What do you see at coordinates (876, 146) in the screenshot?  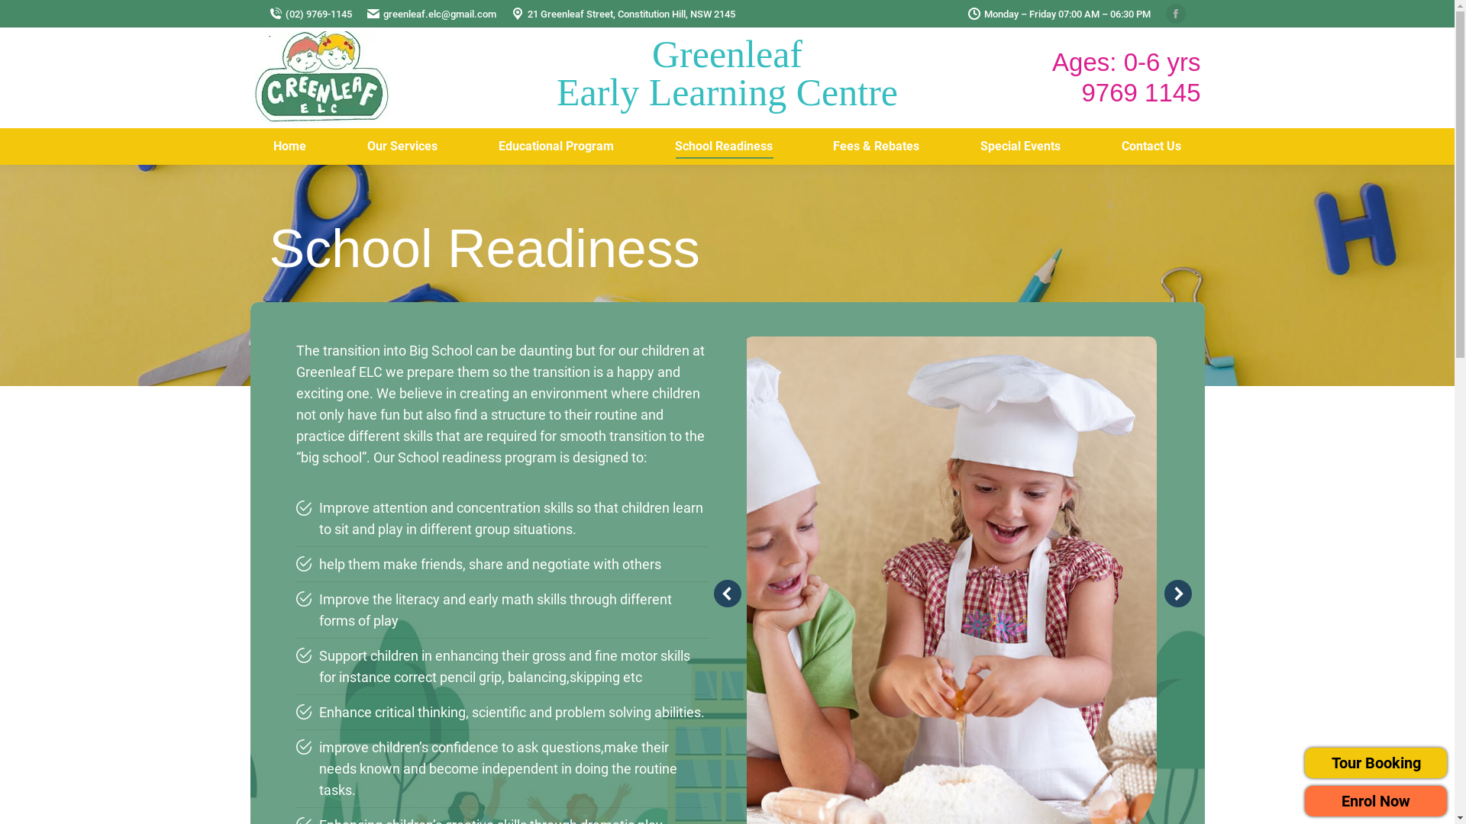 I see `'Fees & Rebates'` at bounding box center [876, 146].